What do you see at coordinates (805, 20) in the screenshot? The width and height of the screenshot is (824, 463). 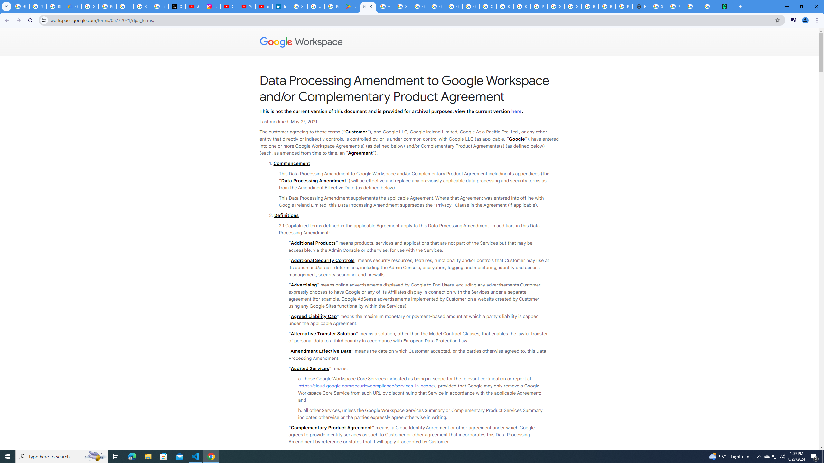 I see `'You'` at bounding box center [805, 20].